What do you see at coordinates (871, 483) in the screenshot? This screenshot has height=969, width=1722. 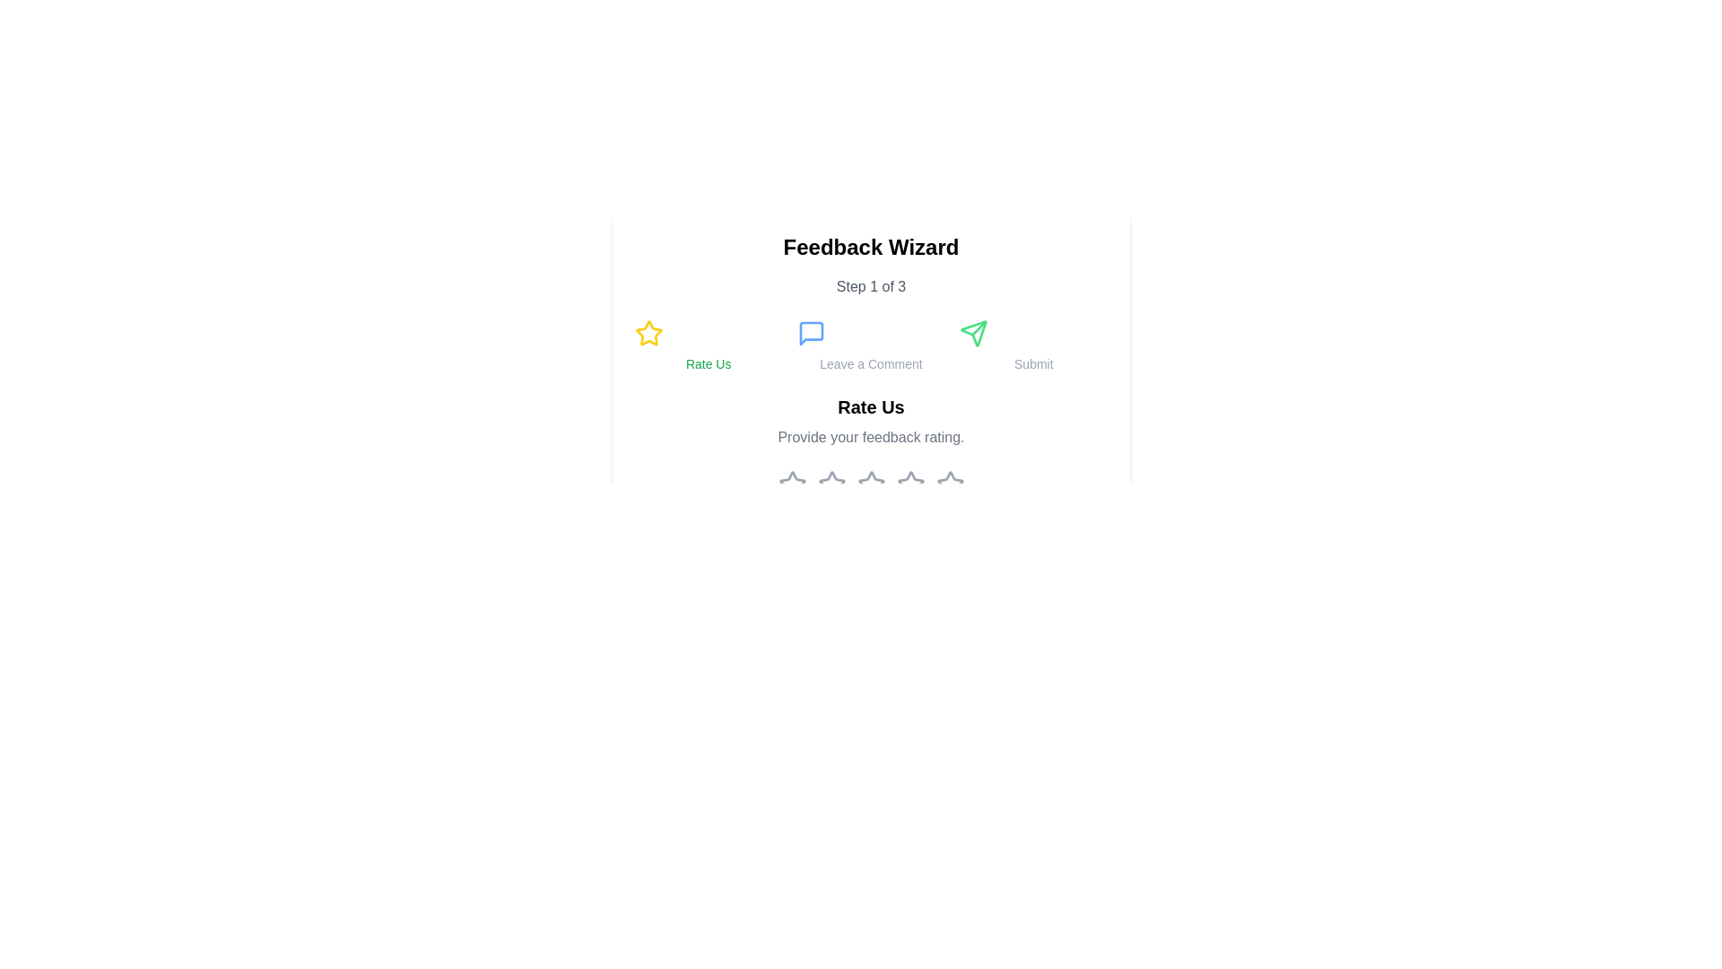 I see `the rating star in the third position from the left within the row of five stars` at bounding box center [871, 483].